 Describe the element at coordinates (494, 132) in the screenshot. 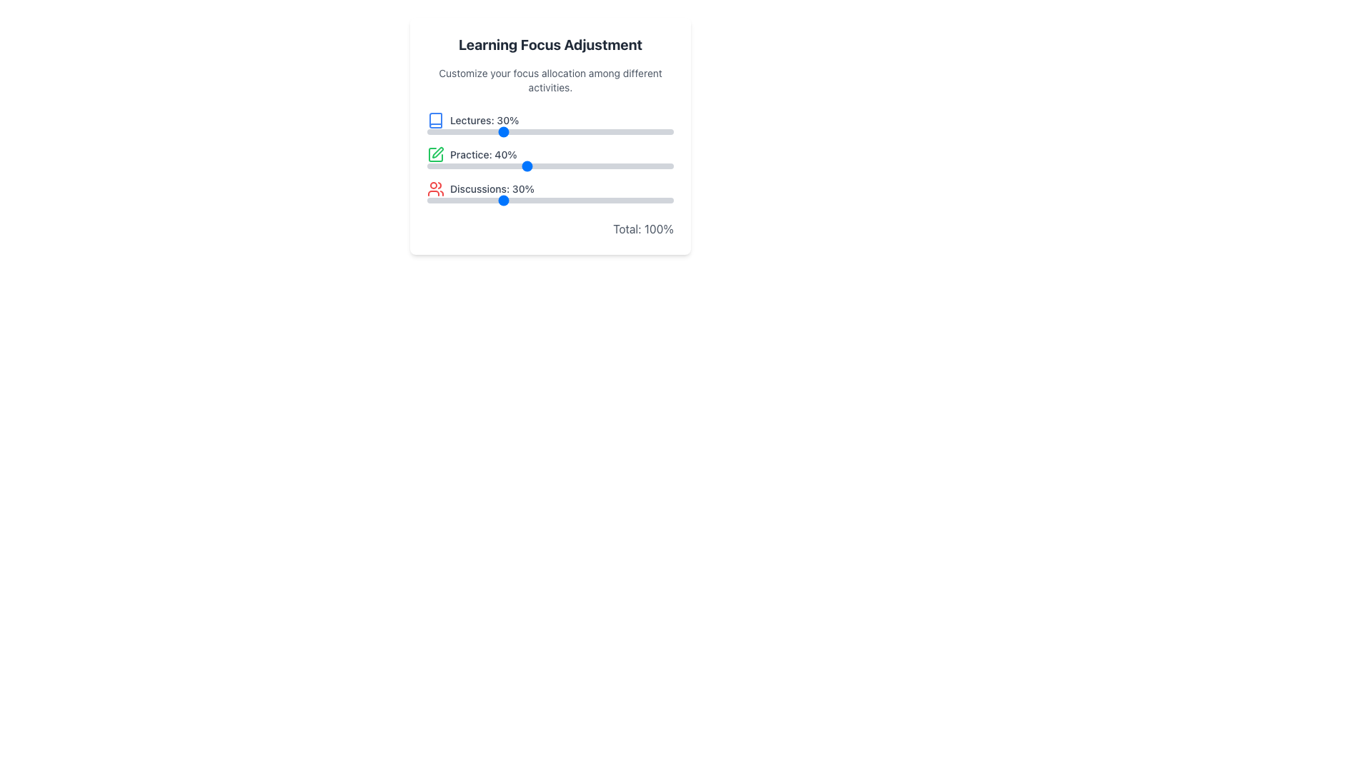

I see `the slider` at that location.